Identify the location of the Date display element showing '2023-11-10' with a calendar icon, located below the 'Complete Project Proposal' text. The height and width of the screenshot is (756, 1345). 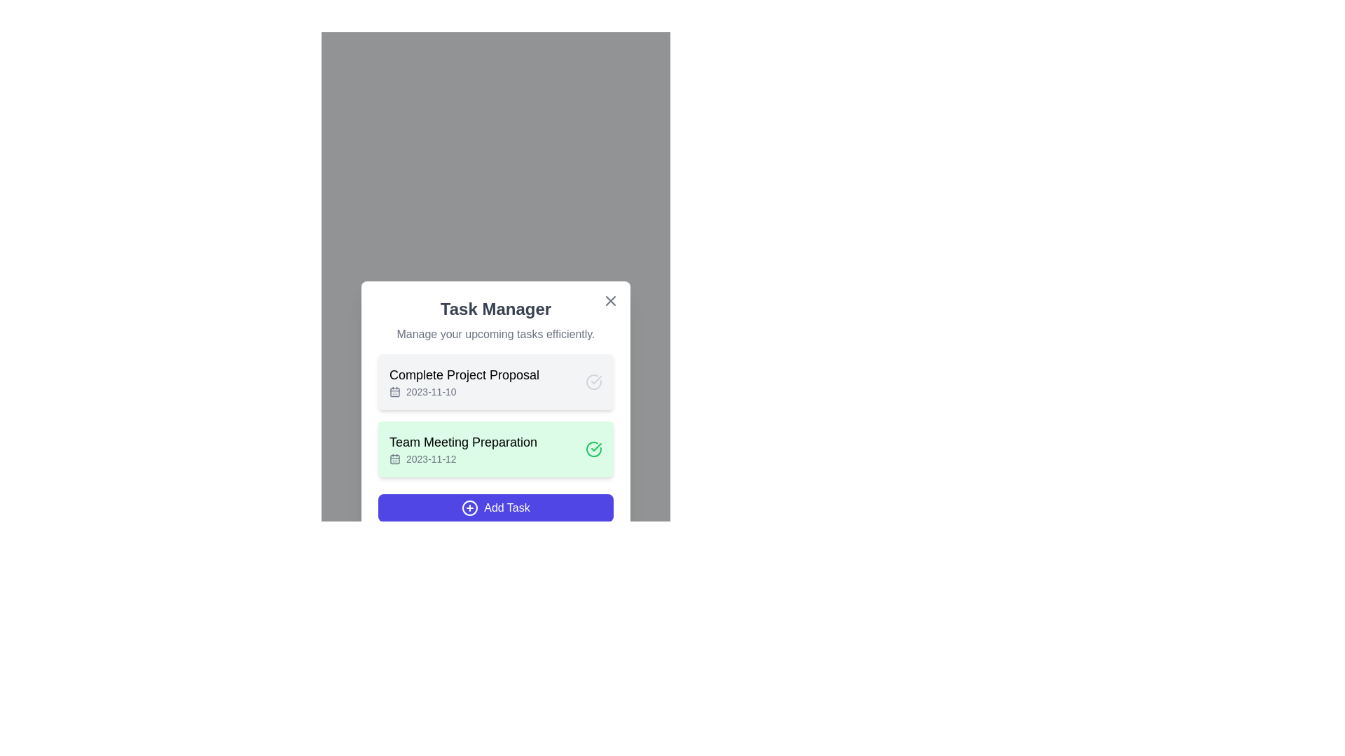
(464, 391).